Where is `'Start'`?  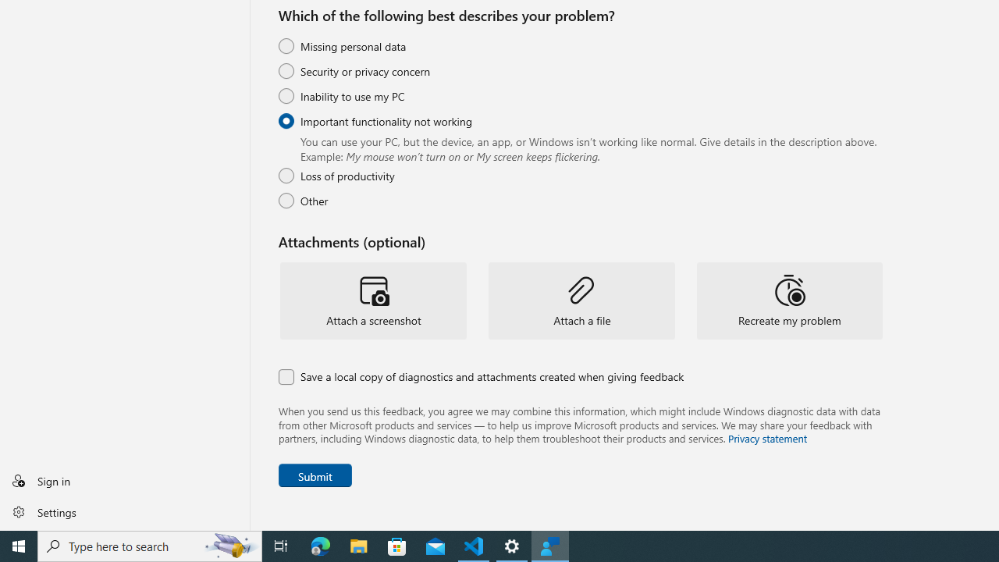
'Start' is located at coordinates (19, 545).